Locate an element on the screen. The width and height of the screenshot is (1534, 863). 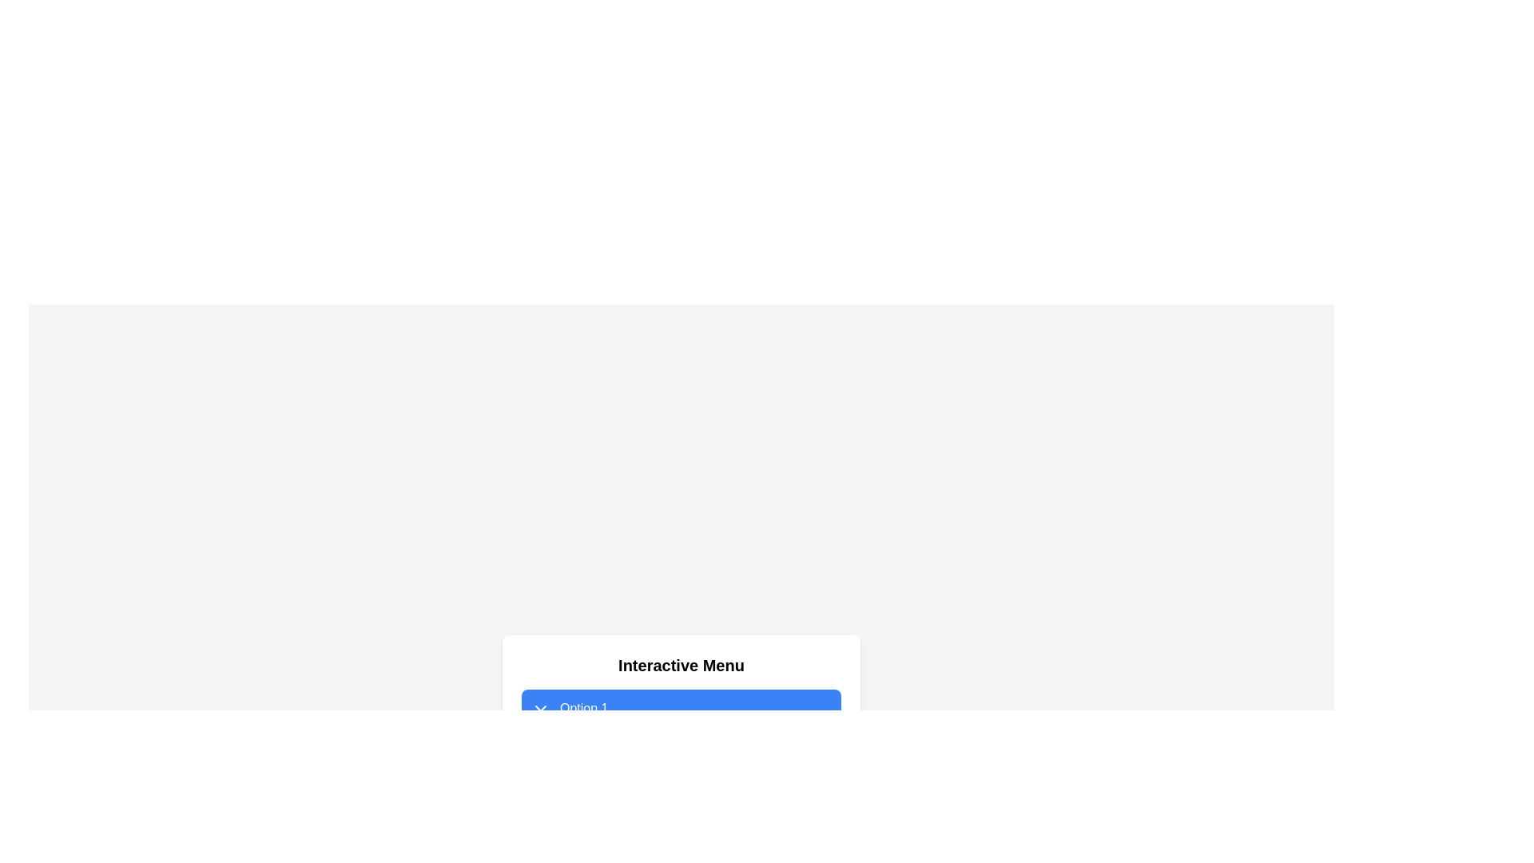
the chevron-down icon next to 'Option 1' in the drop-down menu is located at coordinates (540, 708).